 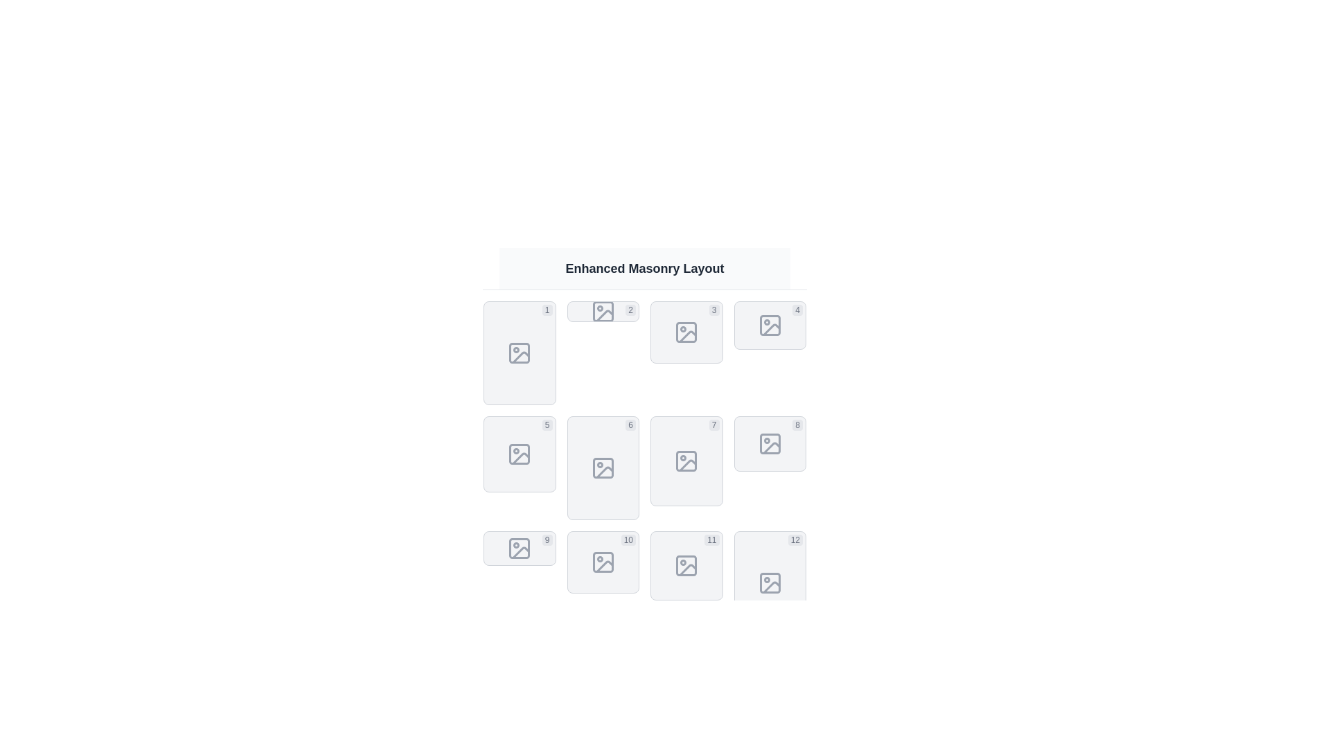 What do you see at coordinates (547, 539) in the screenshot?
I see `the small rectangular badge with rounded corners displaying the numeric text '9', located at the top-right corner of a larger card element` at bounding box center [547, 539].